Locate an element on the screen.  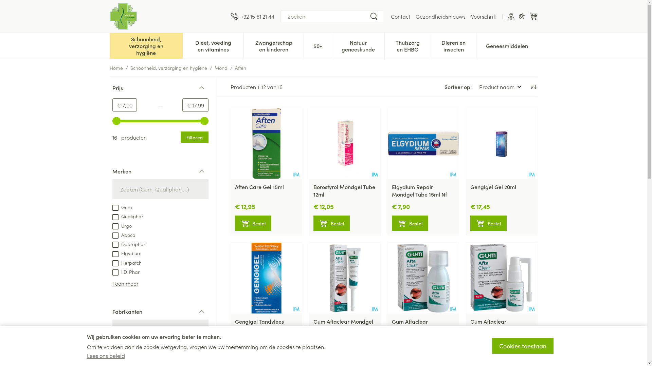
'Sunstar Benelux BV.' is located at coordinates (138, 347).